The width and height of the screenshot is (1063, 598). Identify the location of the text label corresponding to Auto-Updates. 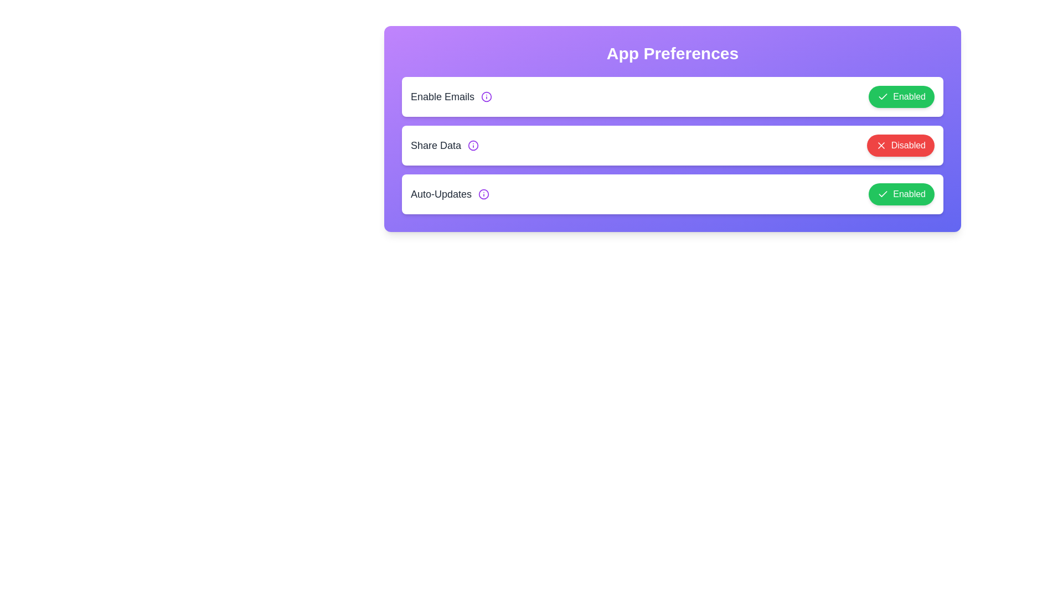
(440, 194).